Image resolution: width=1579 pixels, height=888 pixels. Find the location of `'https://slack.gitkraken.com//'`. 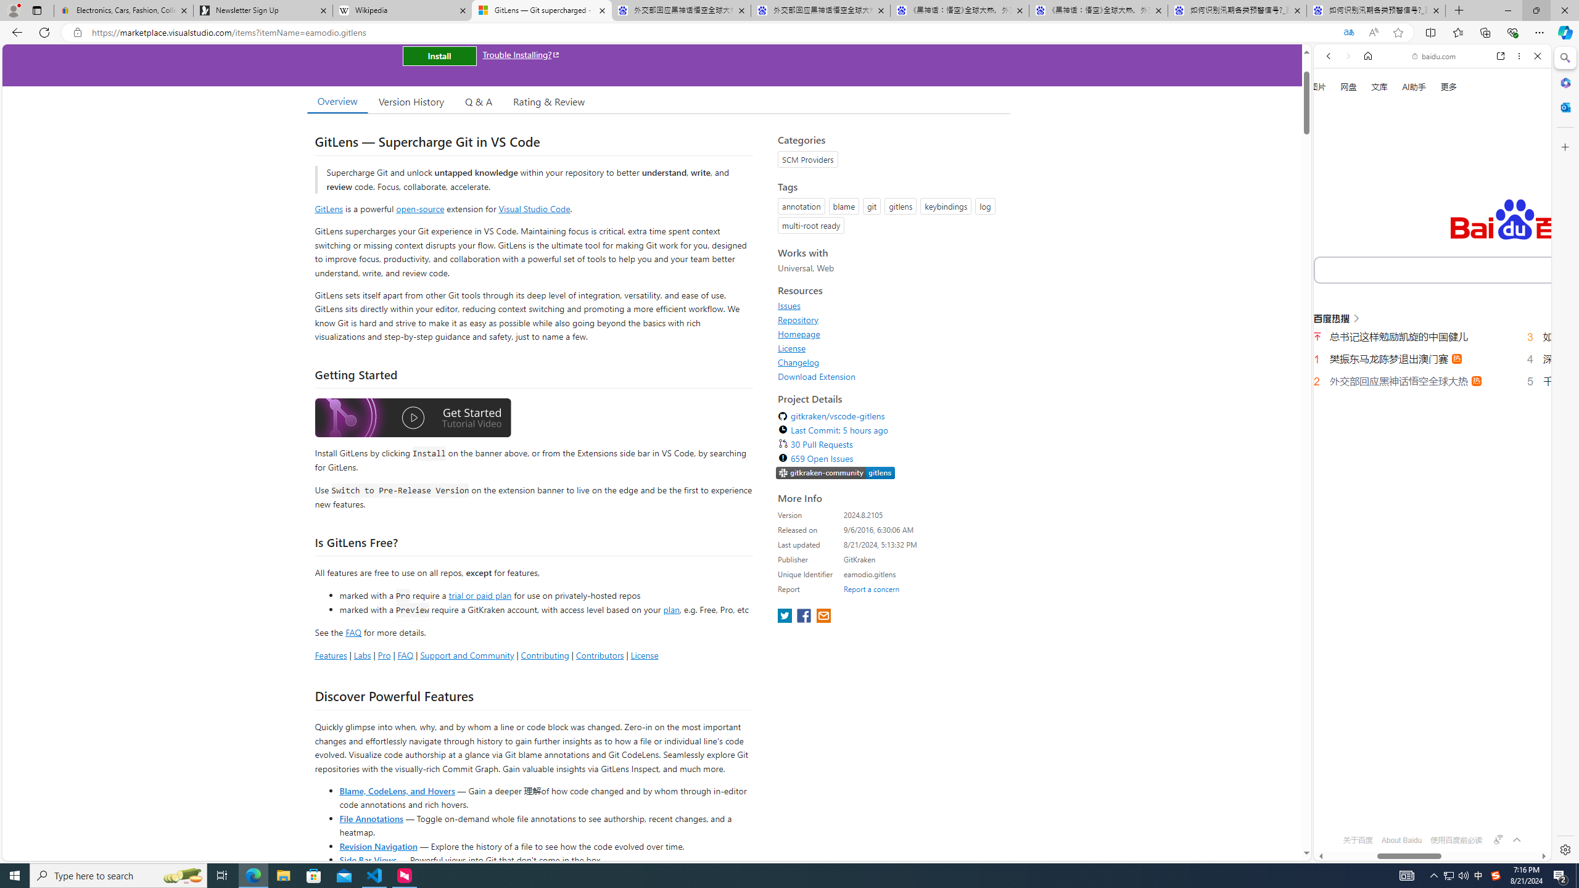

'https://slack.gitkraken.com//' is located at coordinates (835, 473).